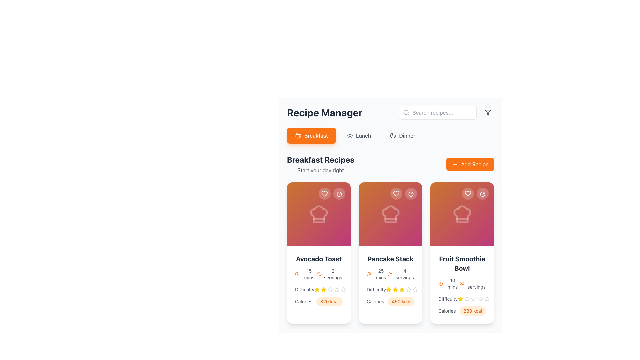 This screenshot has width=640, height=360. What do you see at coordinates (390, 274) in the screenshot?
I see `the servings icon that visually represents the number of servings, located next to the text '4 servings'` at bounding box center [390, 274].